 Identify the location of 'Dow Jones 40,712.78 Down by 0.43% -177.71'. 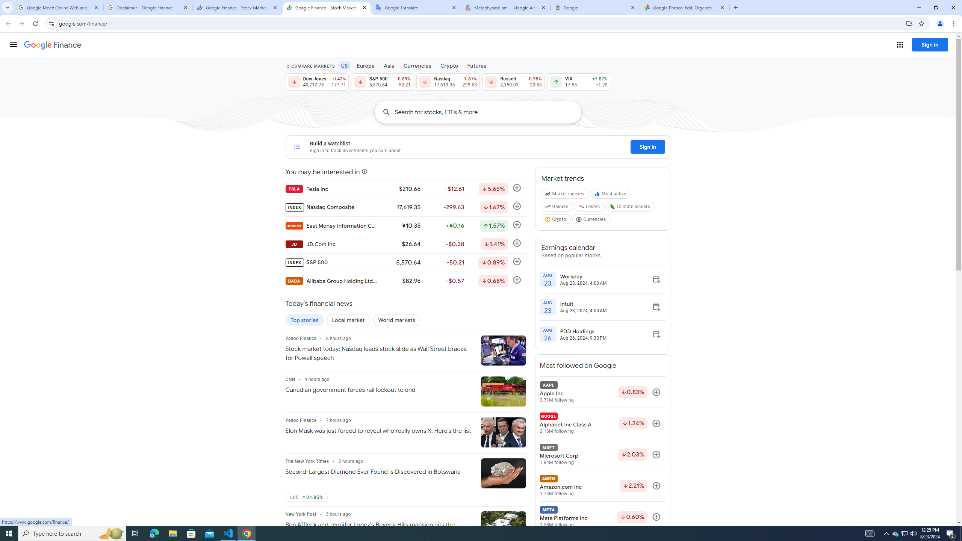
(316, 82).